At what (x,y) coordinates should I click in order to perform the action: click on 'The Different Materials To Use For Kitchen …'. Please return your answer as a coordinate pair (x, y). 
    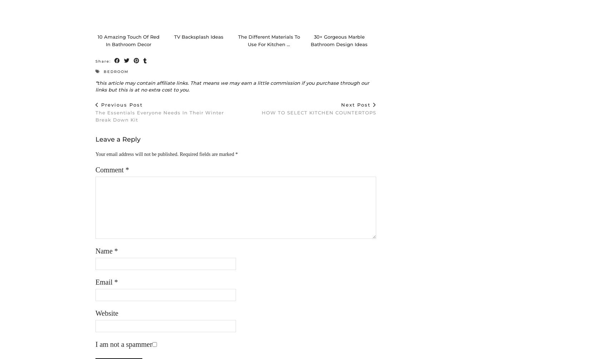
    Looking at the image, I should click on (268, 47).